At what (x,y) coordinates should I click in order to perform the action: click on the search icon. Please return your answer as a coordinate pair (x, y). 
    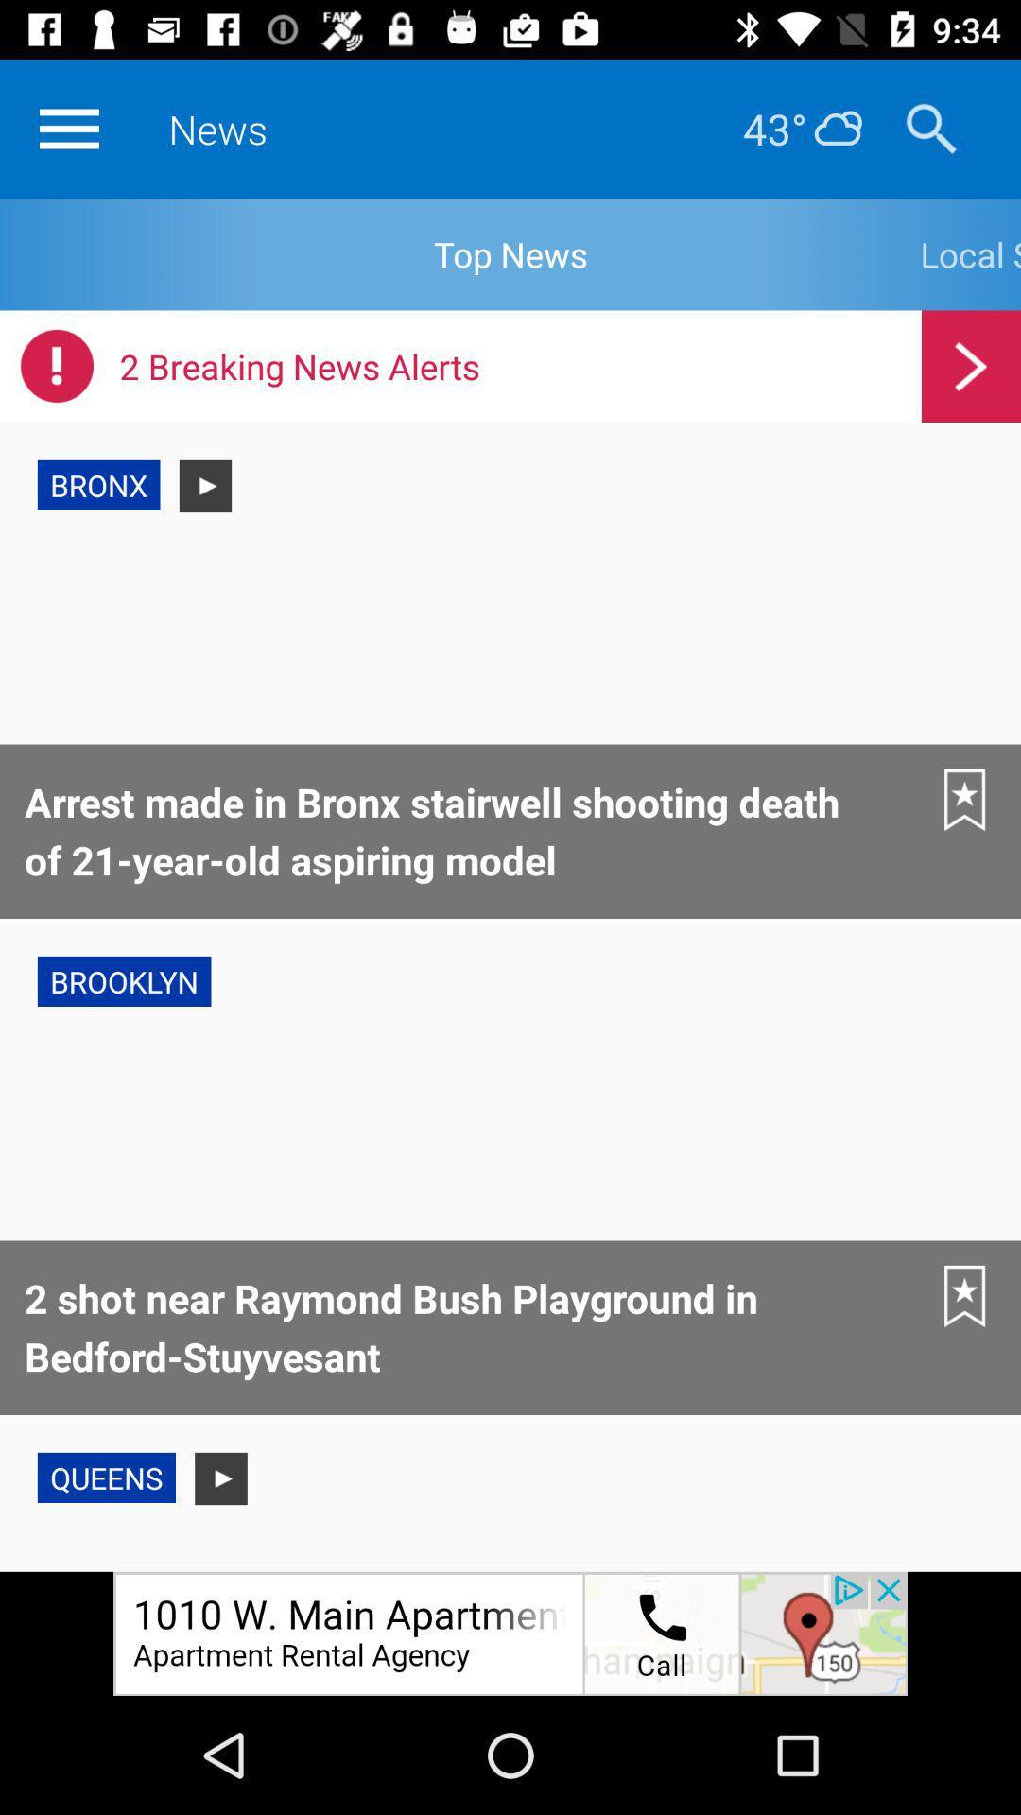
    Looking at the image, I should click on (930, 128).